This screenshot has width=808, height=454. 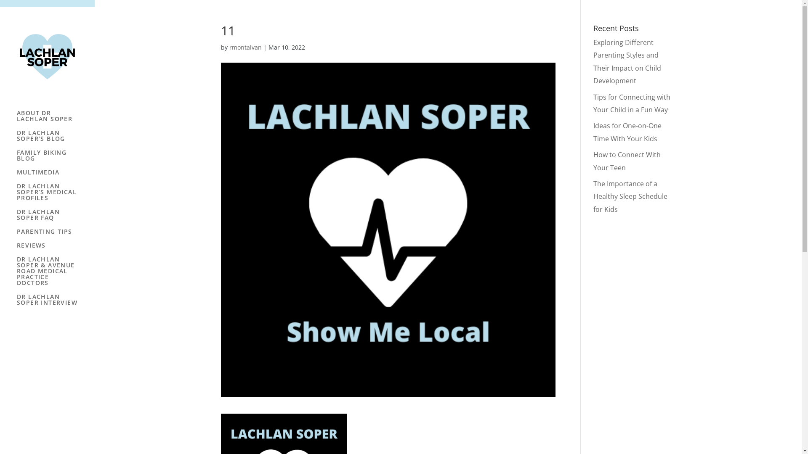 What do you see at coordinates (627, 132) in the screenshot?
I see `'Ideas for One-on-One Time With Your Kids'` at bounding box center [627, 132].